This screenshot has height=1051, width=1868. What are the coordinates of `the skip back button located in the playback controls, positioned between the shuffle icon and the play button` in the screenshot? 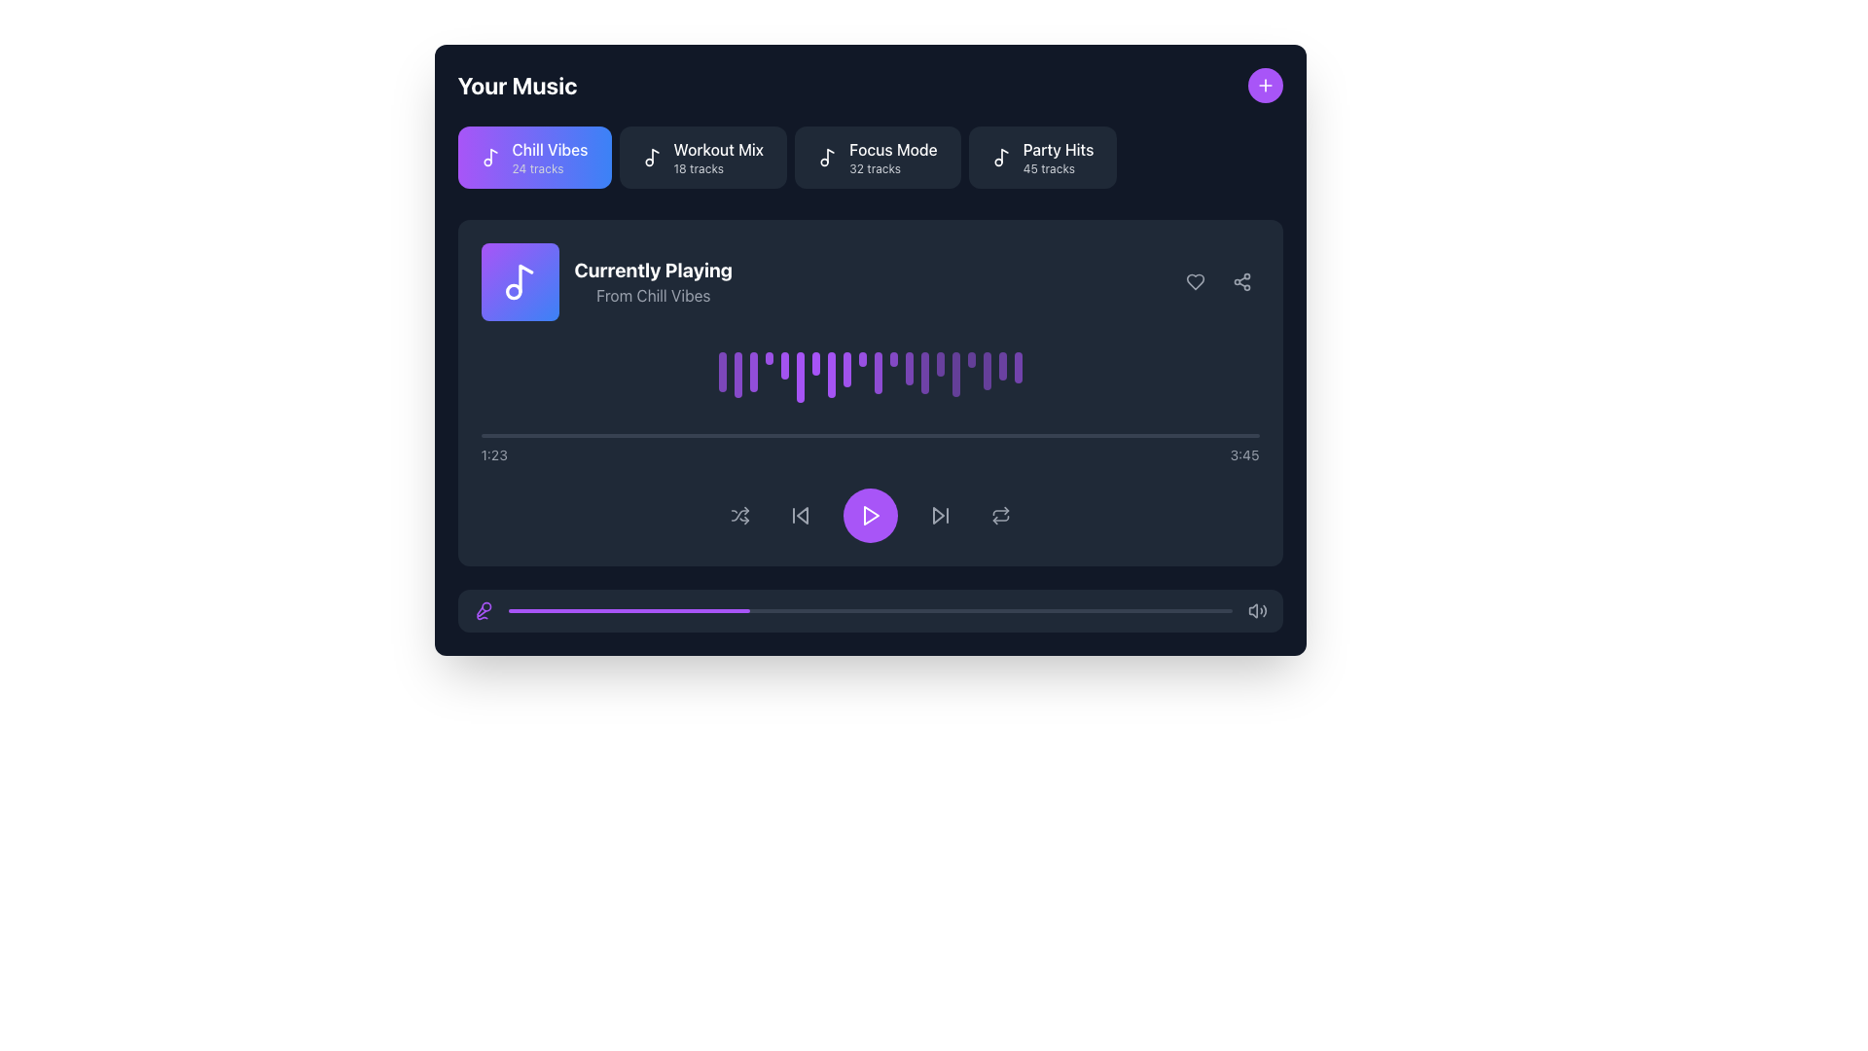 It's located at (800, 515).